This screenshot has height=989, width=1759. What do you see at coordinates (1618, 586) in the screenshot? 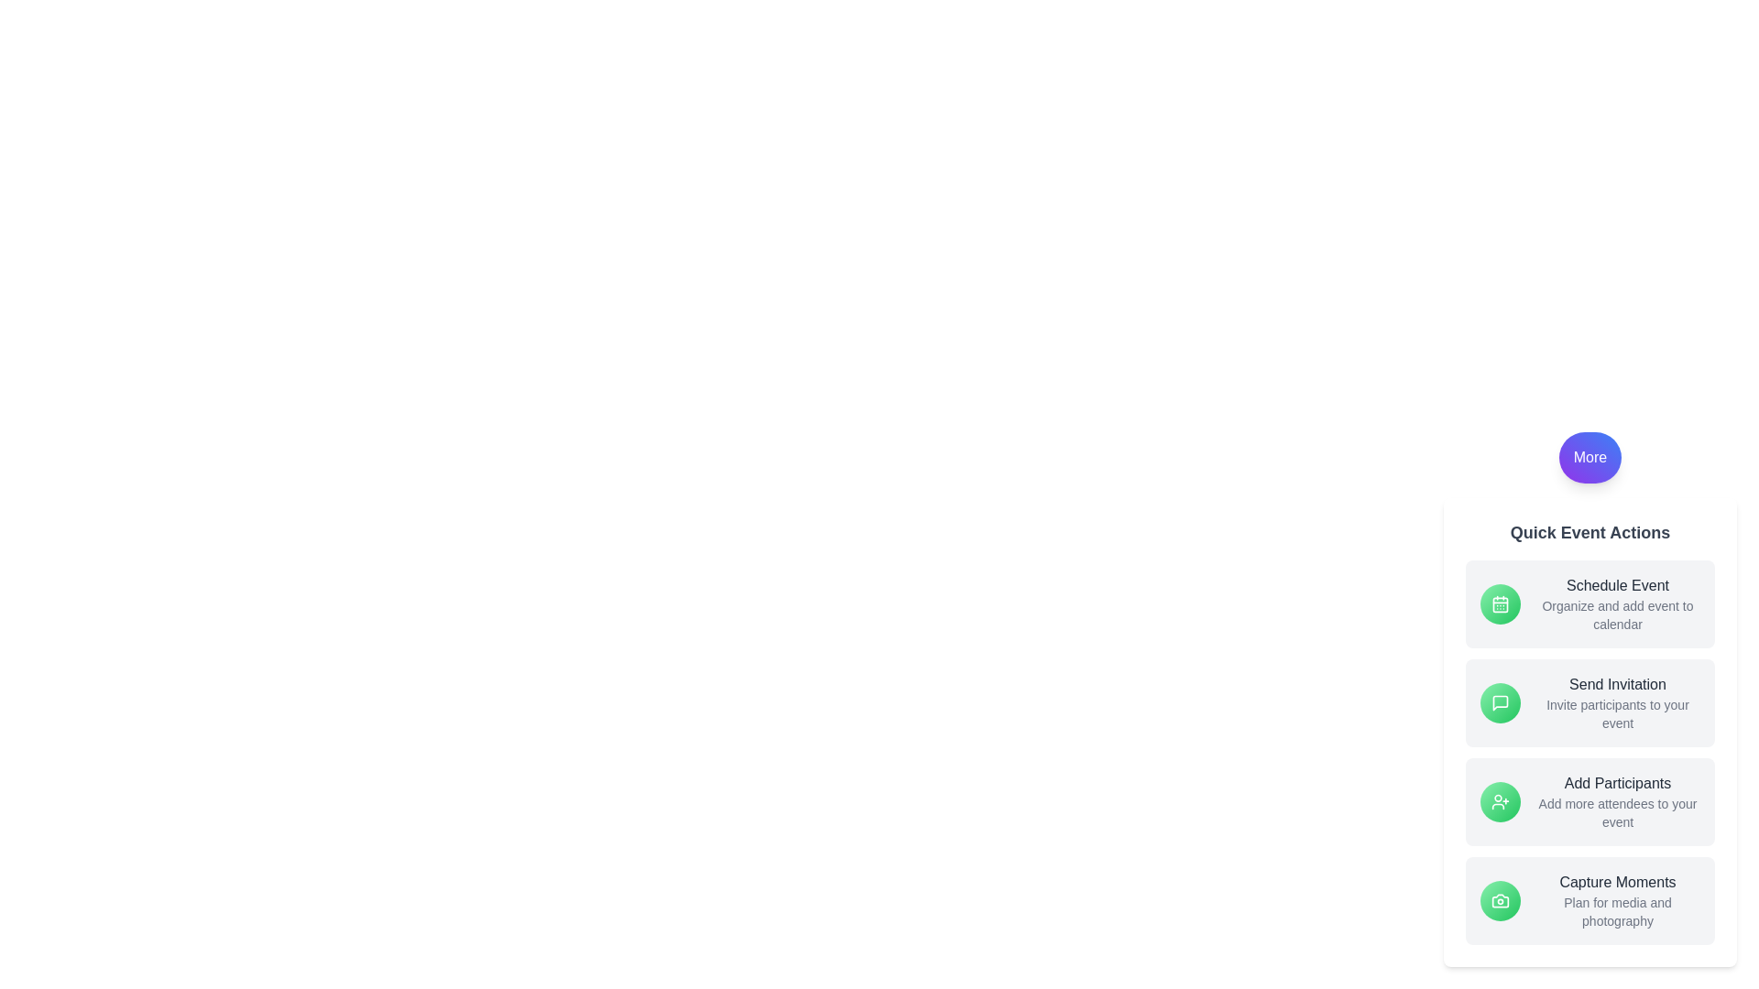
I see `the 'Schedule Event' button to initiate scheduling an event` at bounding box center [1618, 586].